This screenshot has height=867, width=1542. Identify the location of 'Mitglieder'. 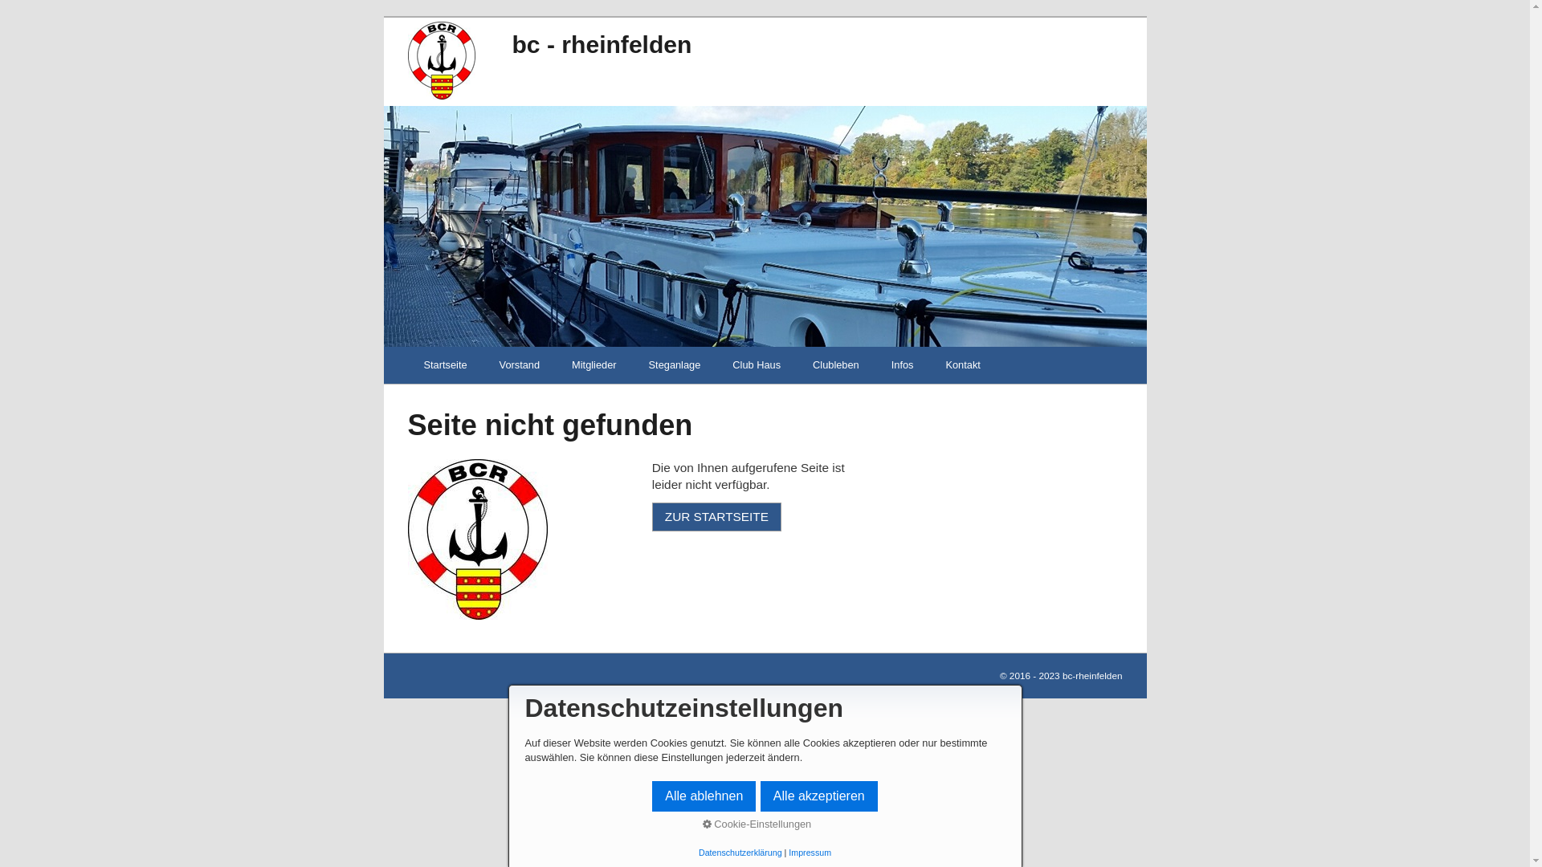
(593, 365).